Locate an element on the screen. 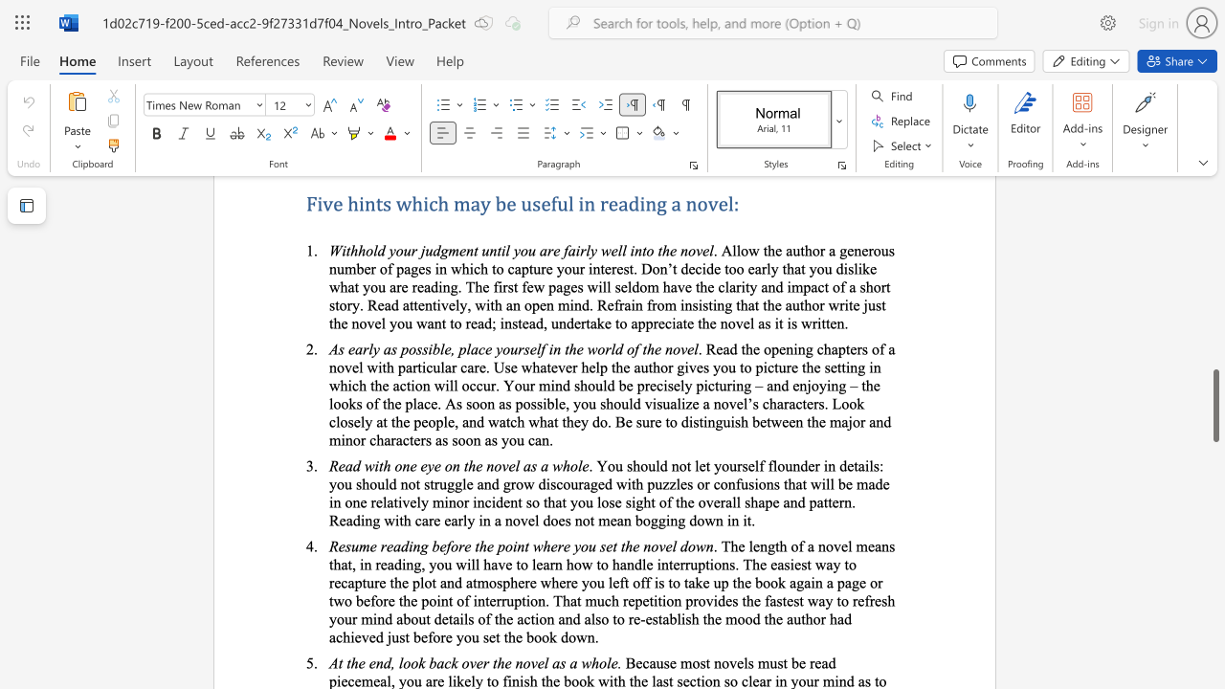 This screenshot has width=1225, height=689. the scrollbar to move the content higher is located at coordinates (1214, 314).